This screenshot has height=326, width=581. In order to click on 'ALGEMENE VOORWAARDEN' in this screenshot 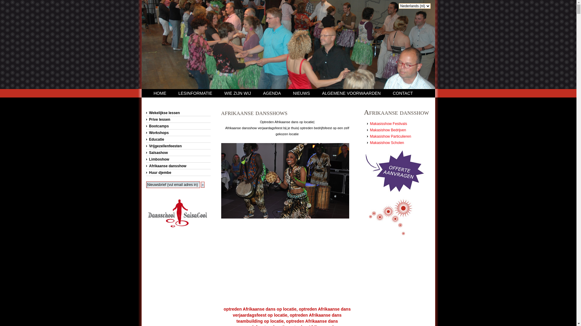, I will do `click(351, 93)`.